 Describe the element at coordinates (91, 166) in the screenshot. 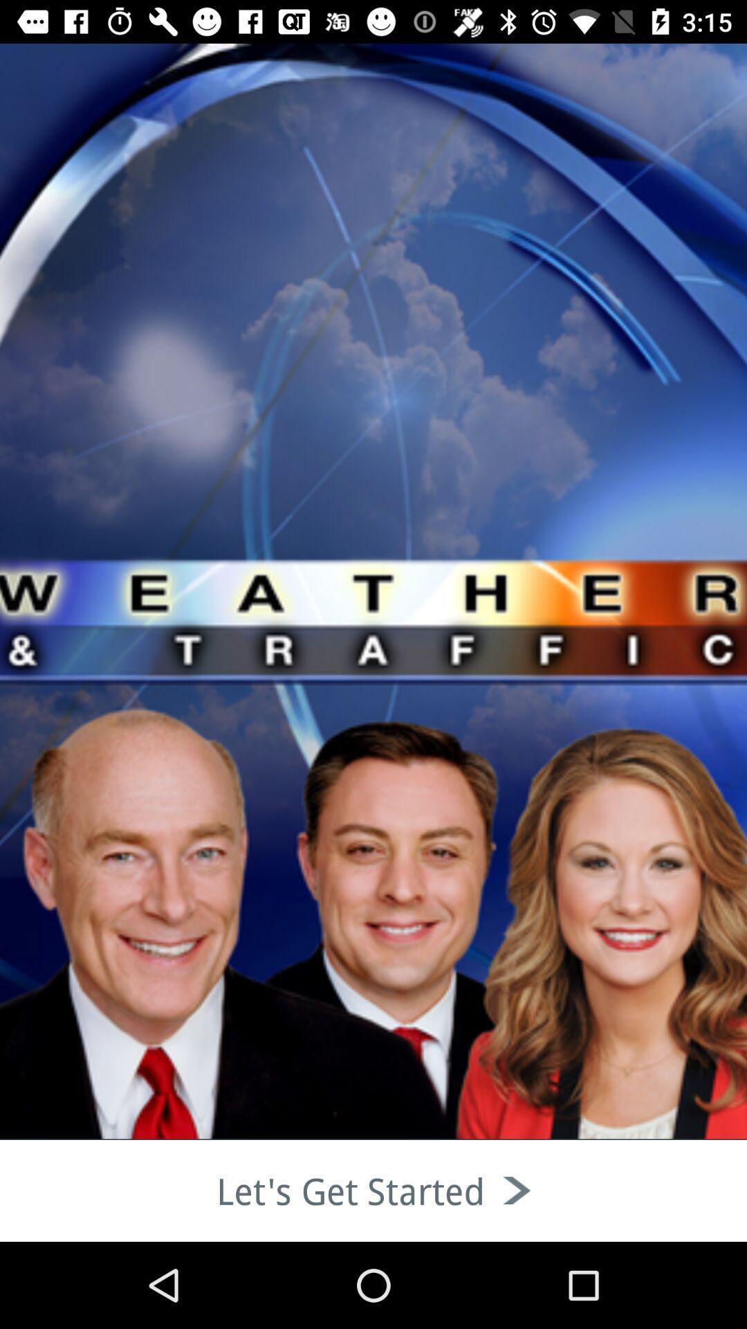

I see `the thumbs_up icon` at that location.